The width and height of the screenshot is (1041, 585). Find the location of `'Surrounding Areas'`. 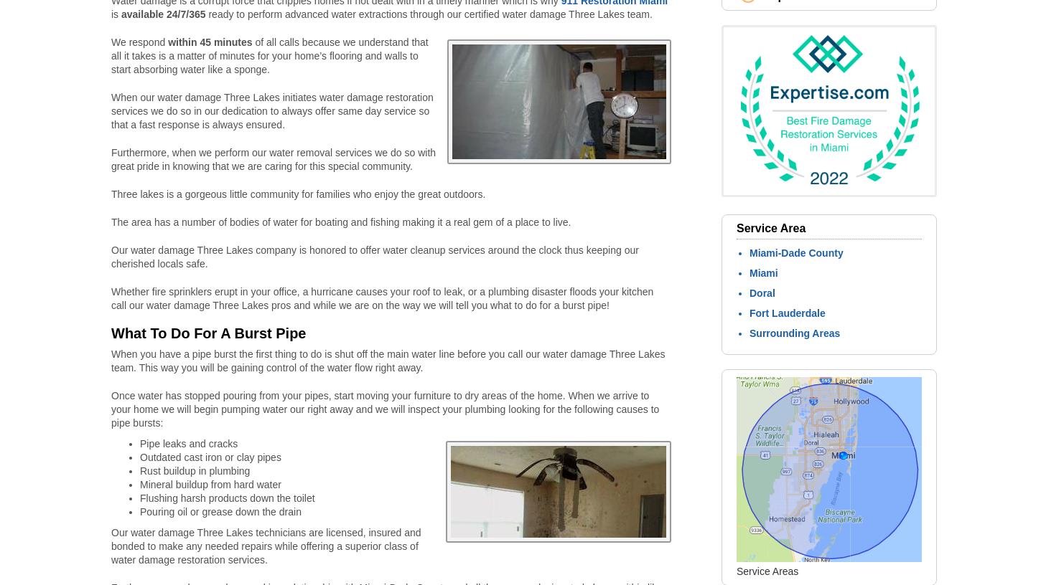

'Surrounding Areas' is located at coordinates (750, 333).